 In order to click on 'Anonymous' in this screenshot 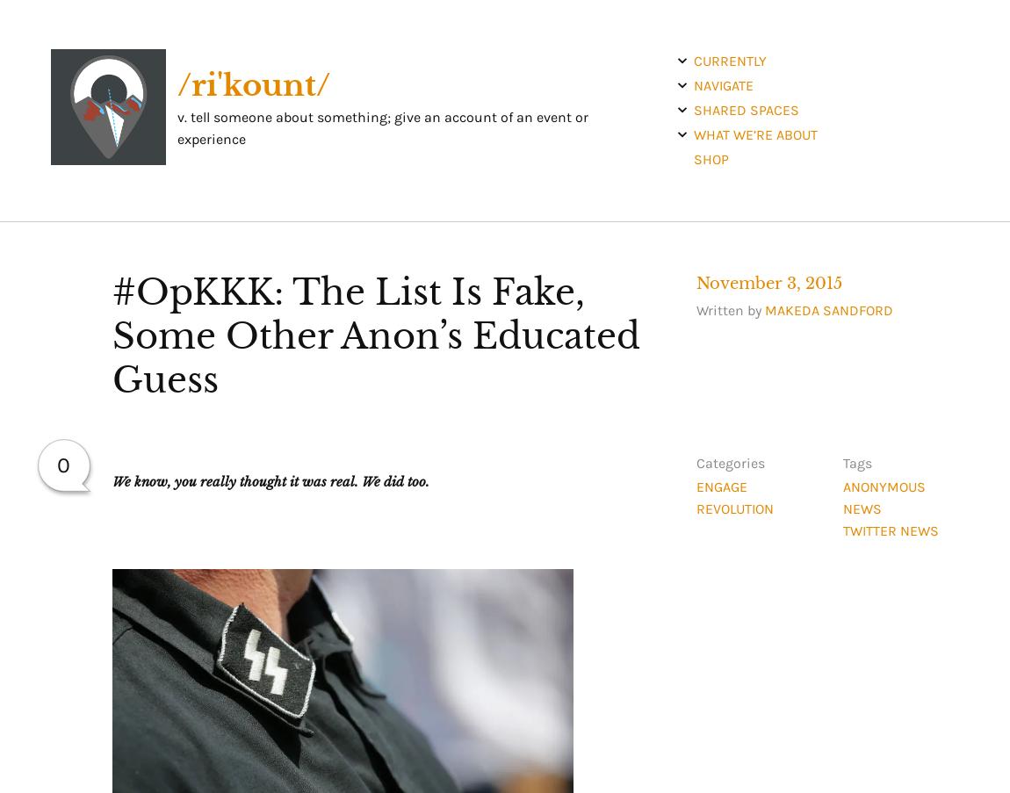, I will do `click(884, 485)`.